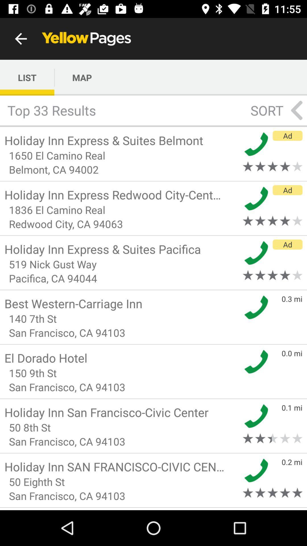 The height and width of the screenshot is (546, 307). What do you see at coordinates (121, 357) in the screenshot?
I see `the el dorado hotel` at bounding box center [121, 357].